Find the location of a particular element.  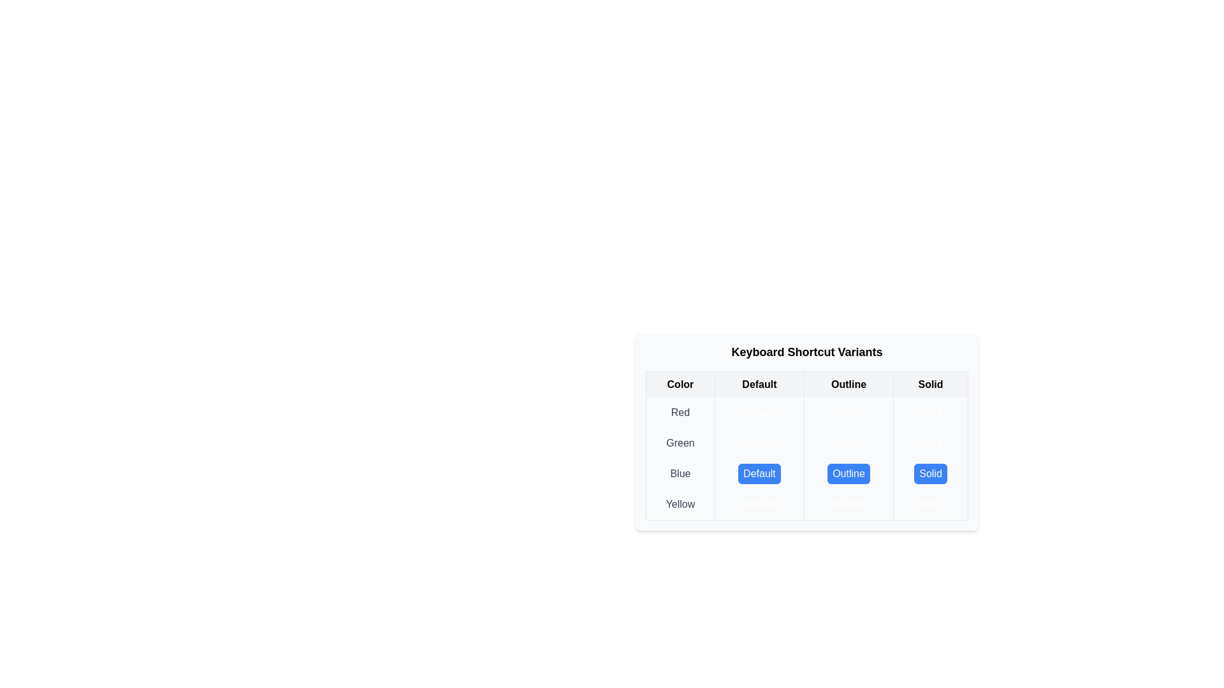

the table header that categorizes color types and button styles ('Default', 'Outline', and 'Solid') via keyboard navigation is located at coordinates (806, 383).